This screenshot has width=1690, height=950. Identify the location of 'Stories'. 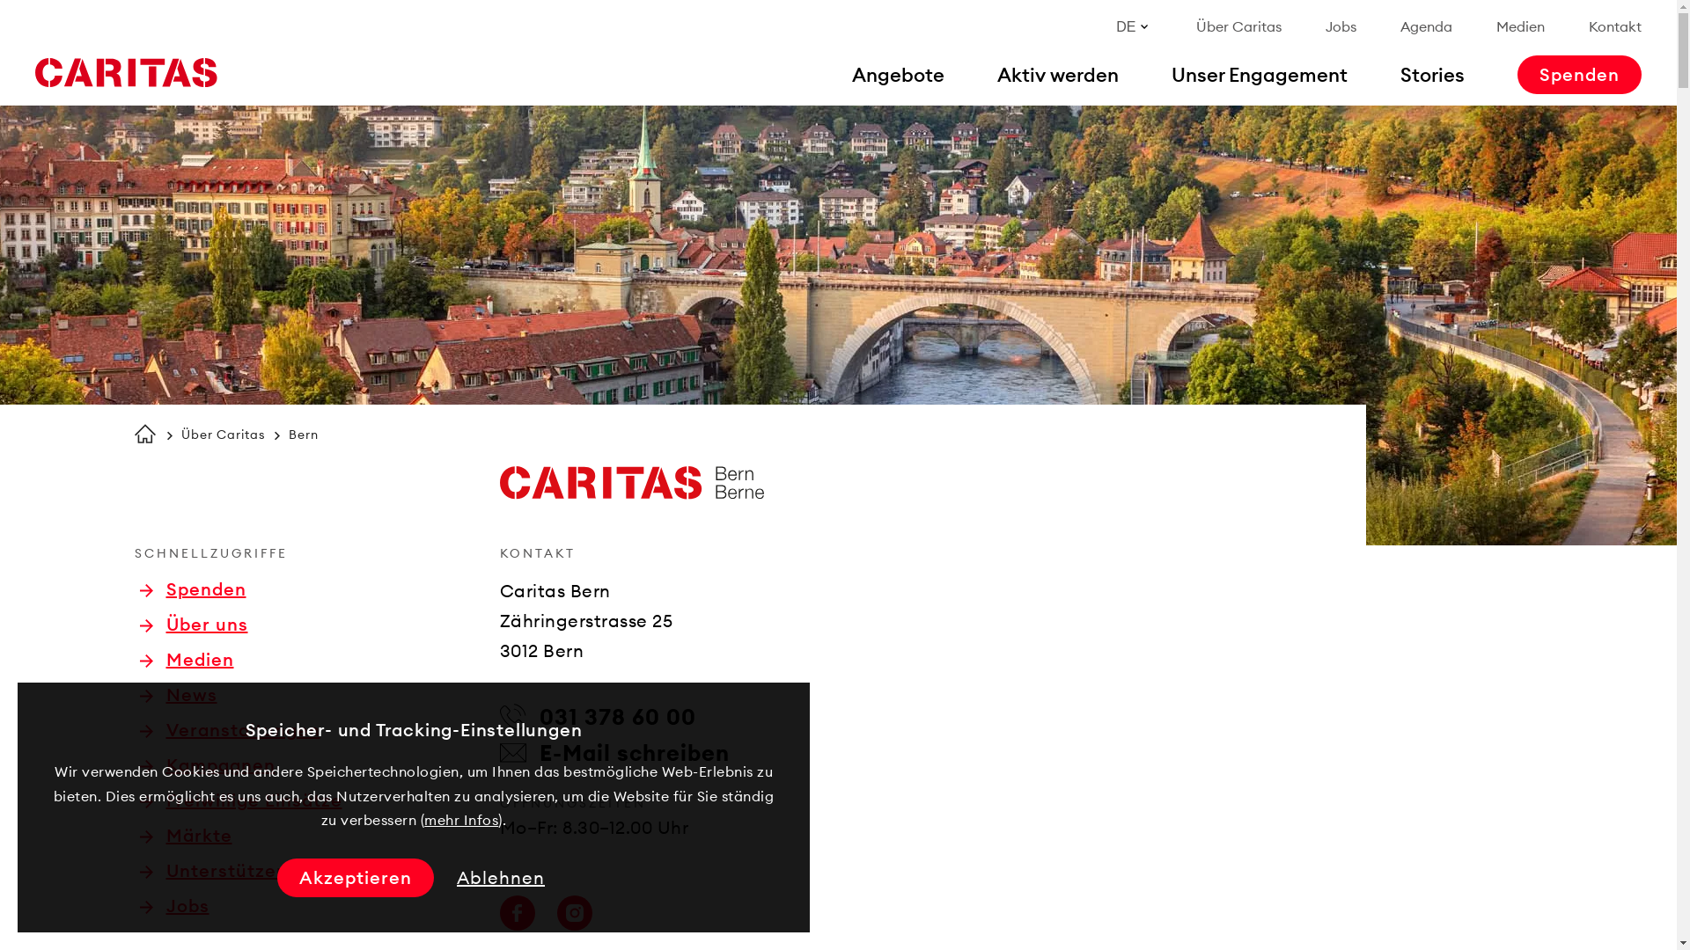
(1432, 73).